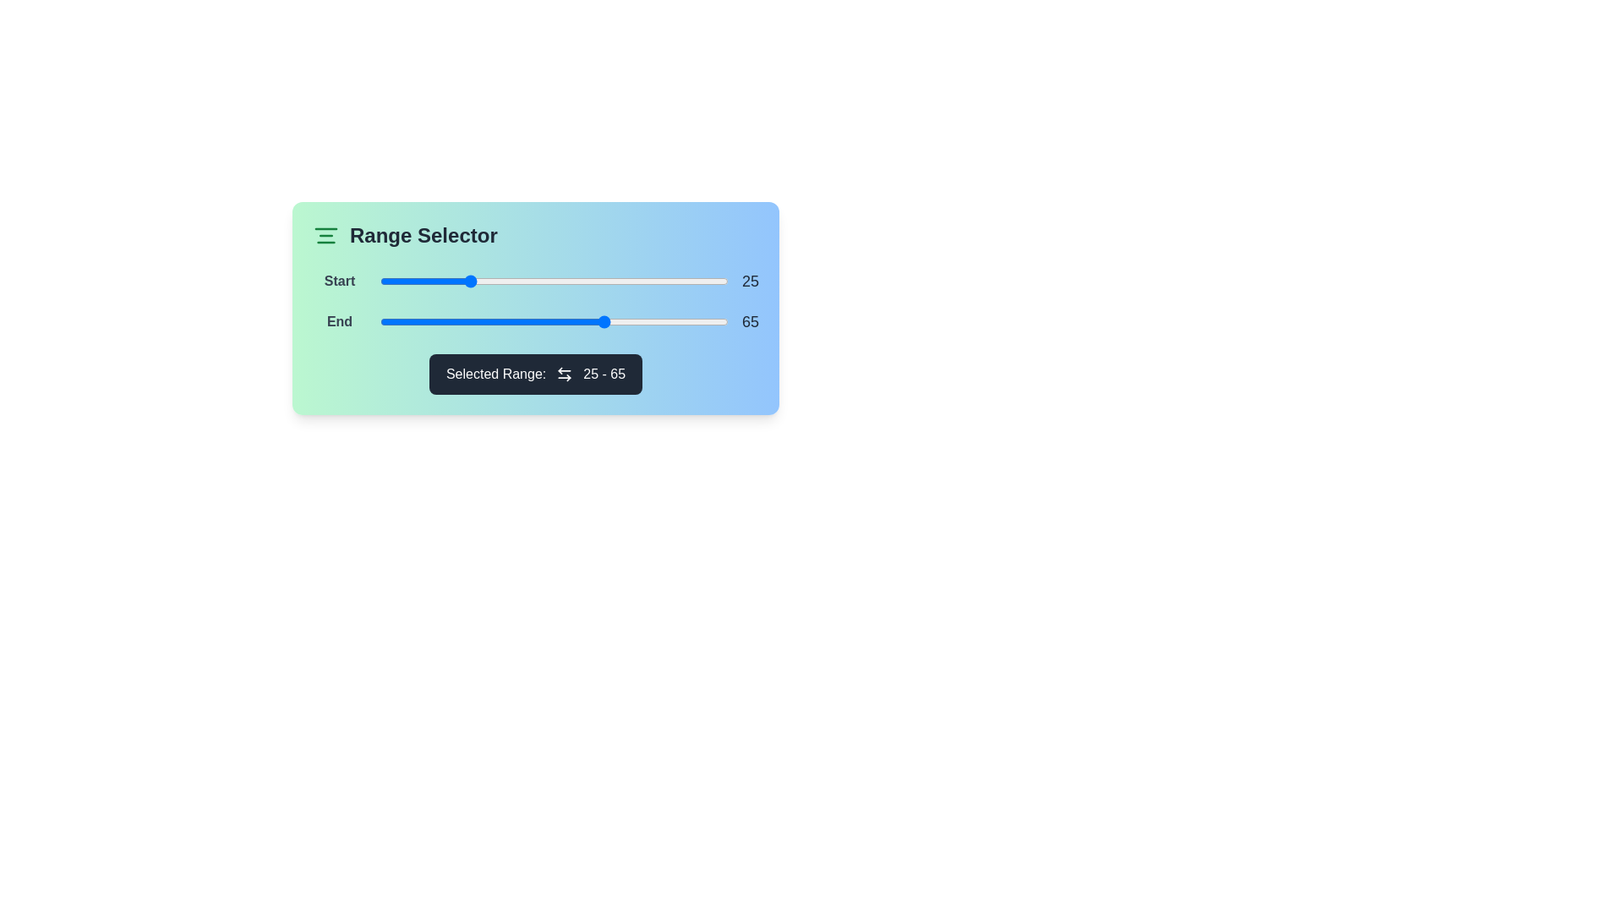 The width and height of the screenshot is (1623, 913). Describe the element at coordinates (501, 322) in the screenshot. I see `the end range slider to 35 by dragging it to the desired position` at that location.